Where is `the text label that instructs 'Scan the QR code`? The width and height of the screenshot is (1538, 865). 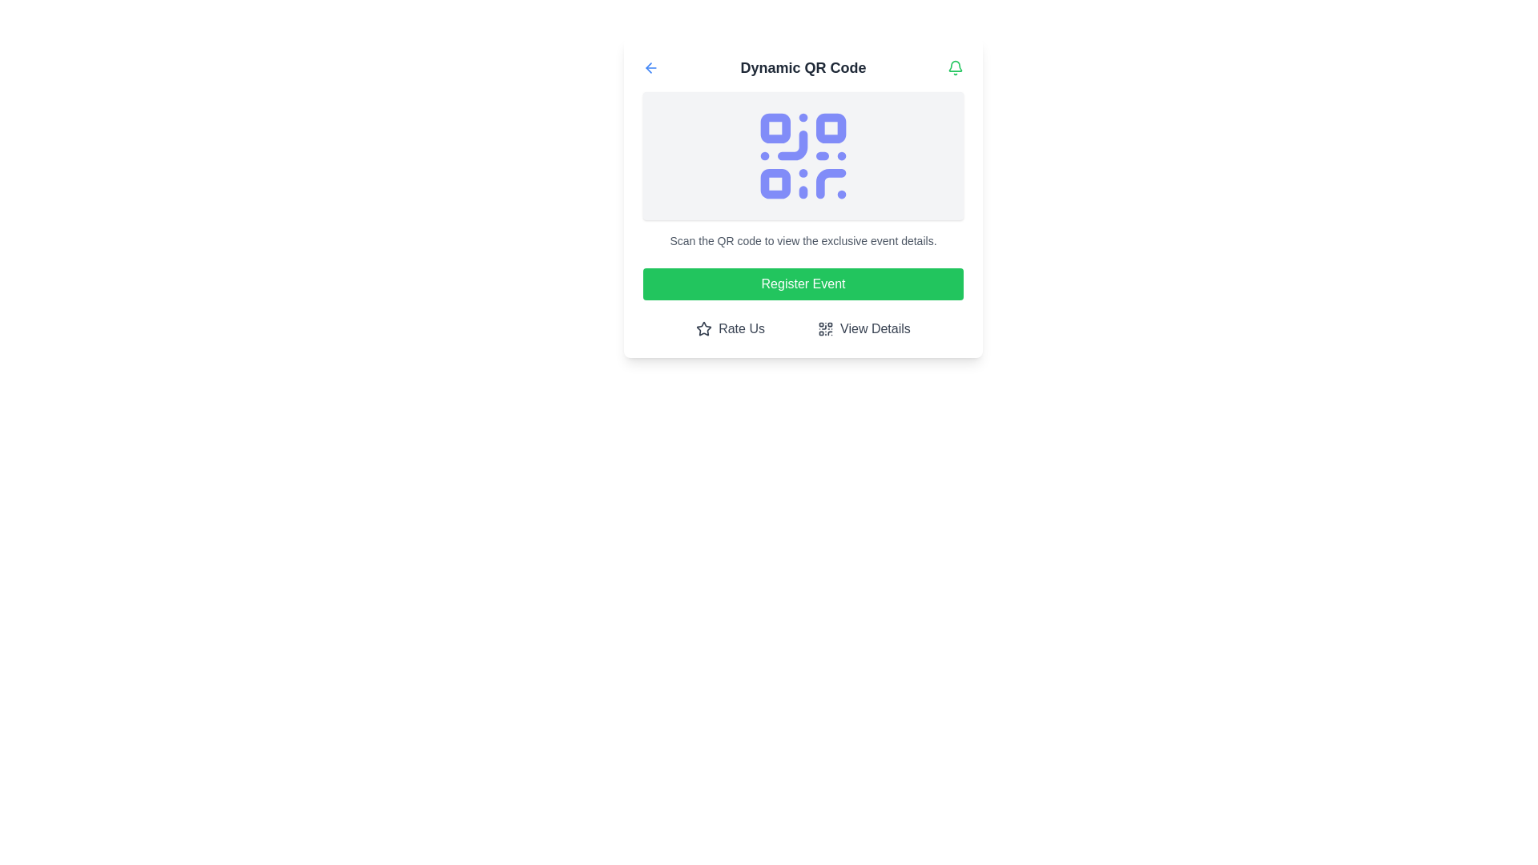
the text label that instructs 'Scan the QR code is located at coordinates (803, 240).